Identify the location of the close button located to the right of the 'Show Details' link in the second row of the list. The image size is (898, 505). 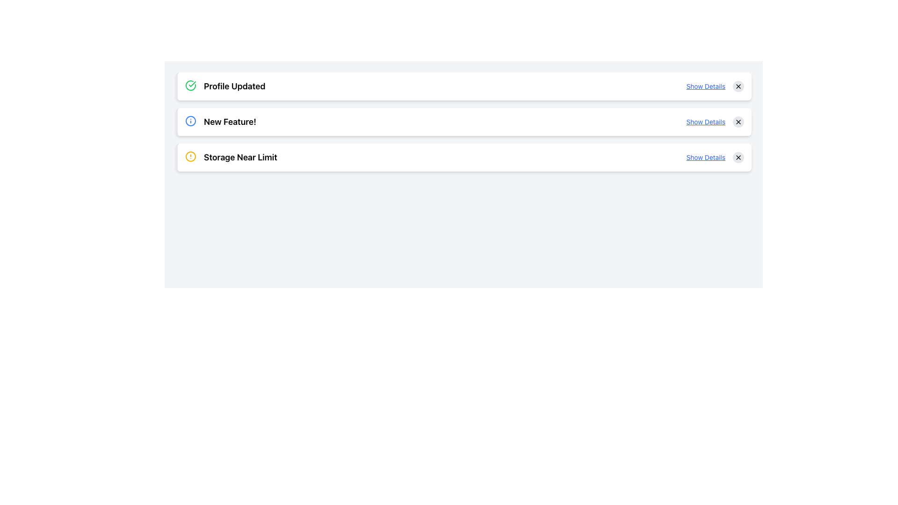
(738, 122).